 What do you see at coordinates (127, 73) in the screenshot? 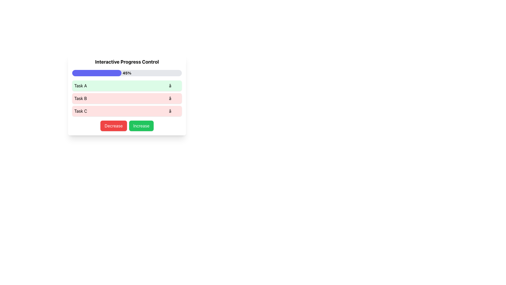
I see `the progress bar that visually represents the completion percentage of a task, currently showing '45%'` at bounding box center [127, 73].